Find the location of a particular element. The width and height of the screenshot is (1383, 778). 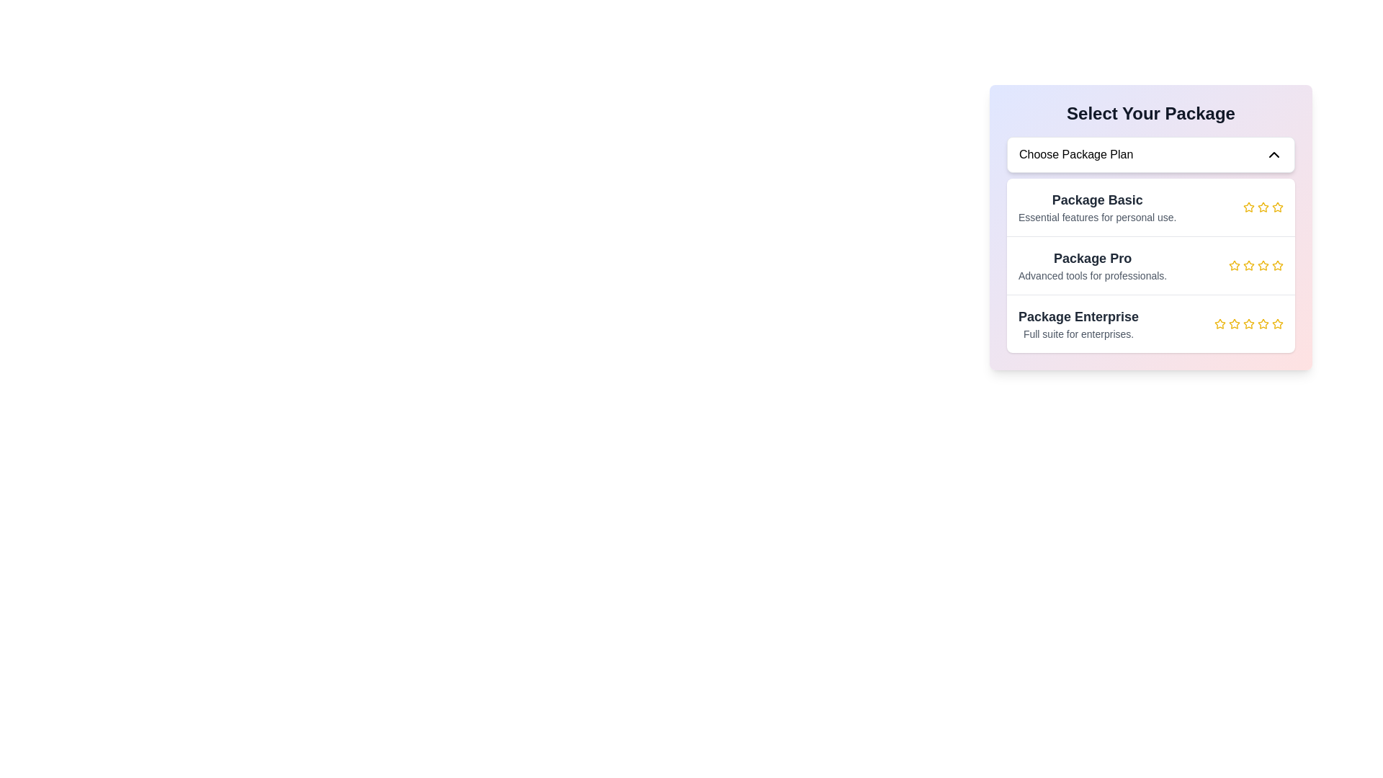

the descriptive subtitle text located directly below the 'Package Basic' title in the packages section is located at coordinates (1096, 217).